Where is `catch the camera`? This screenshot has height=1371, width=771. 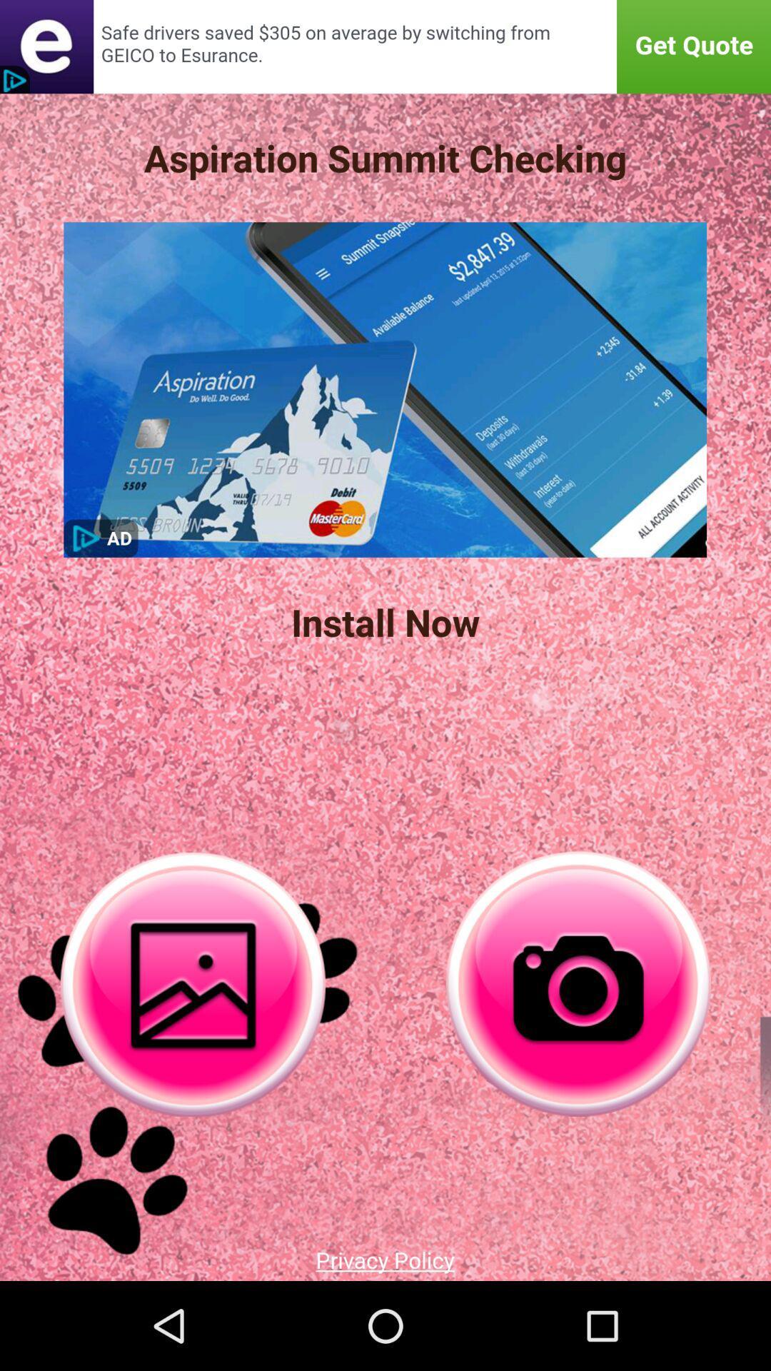
catch the camera is located at coordinates (578, 983).